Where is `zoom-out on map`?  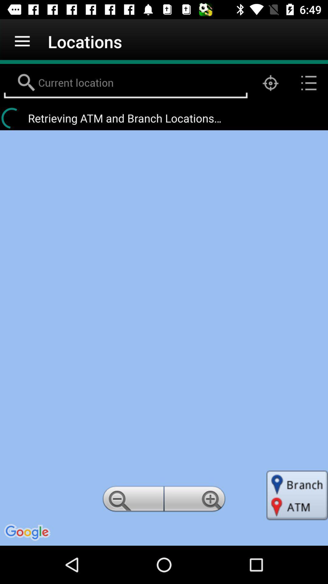
zoom-out on map is located at coordinates (132, 501).